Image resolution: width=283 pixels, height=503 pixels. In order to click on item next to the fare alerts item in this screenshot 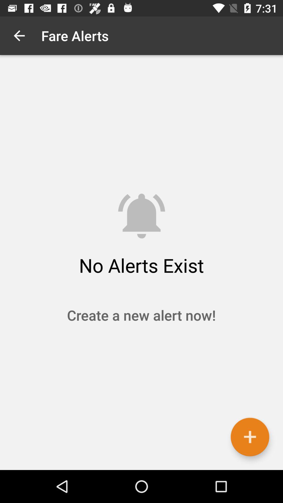, I will do `click(19, 35)`.